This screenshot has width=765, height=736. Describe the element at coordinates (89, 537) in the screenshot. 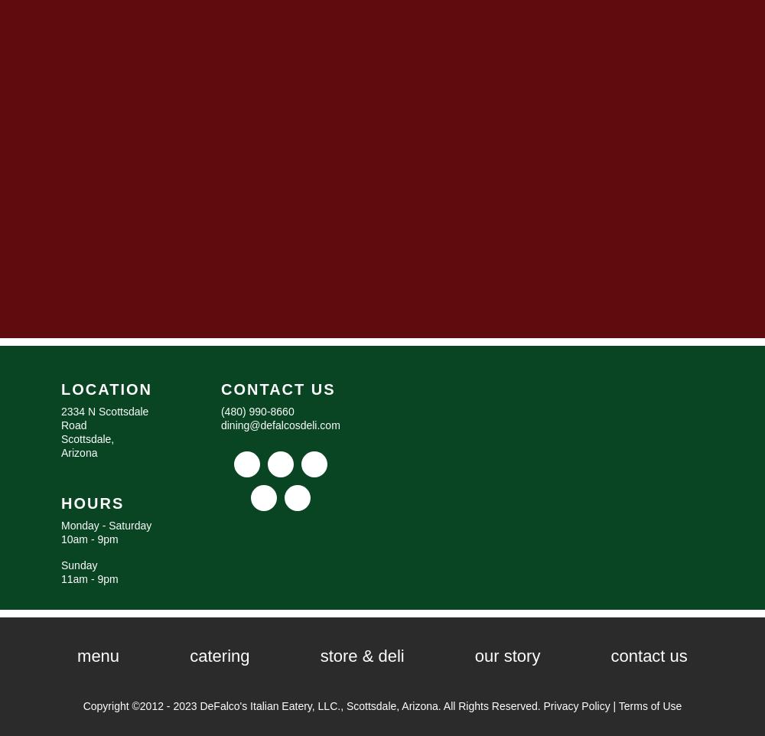

I see `'10am - 9pm'` at that location.